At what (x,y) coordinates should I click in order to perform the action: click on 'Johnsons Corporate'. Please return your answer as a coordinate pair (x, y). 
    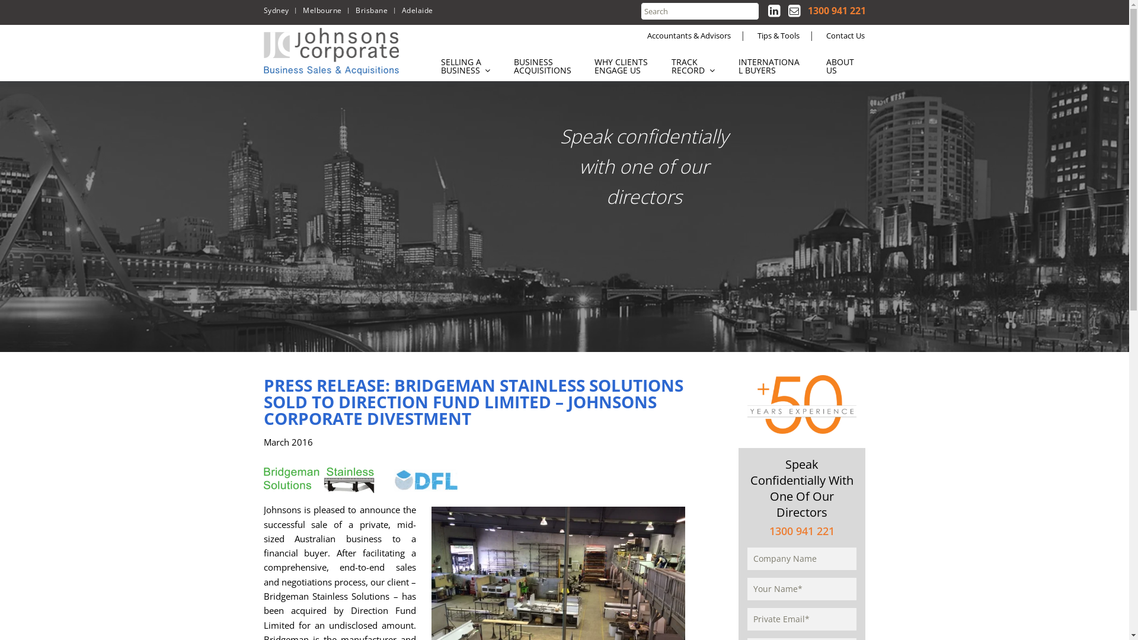
    Looking at the image, I should click on (332, 51).